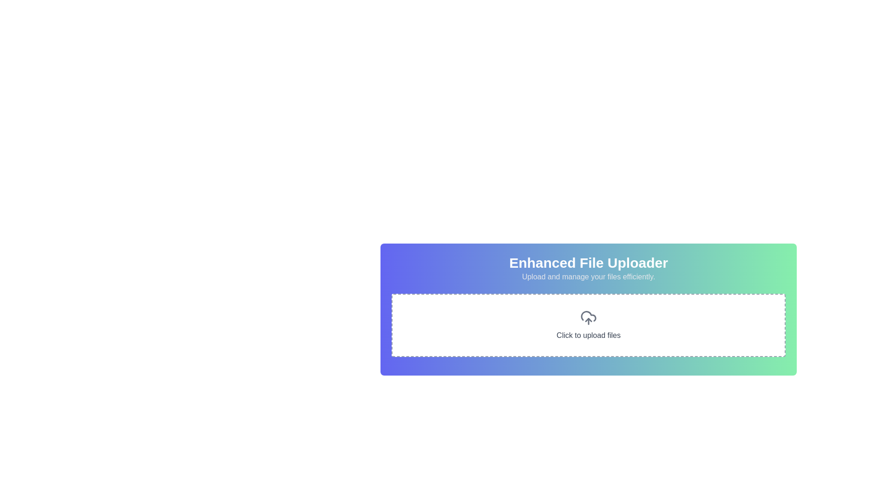 Image resolution: width=892 pixels, height=502 pixels. I want to click on the top heading of the File uploader interface, so click(588, 329).